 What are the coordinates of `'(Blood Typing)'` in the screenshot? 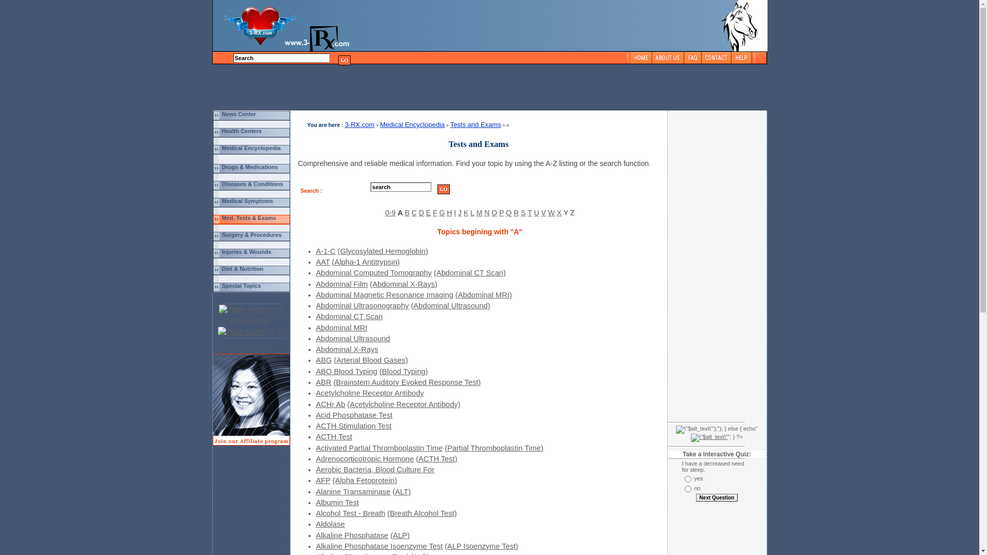 It's located at (403, 371).